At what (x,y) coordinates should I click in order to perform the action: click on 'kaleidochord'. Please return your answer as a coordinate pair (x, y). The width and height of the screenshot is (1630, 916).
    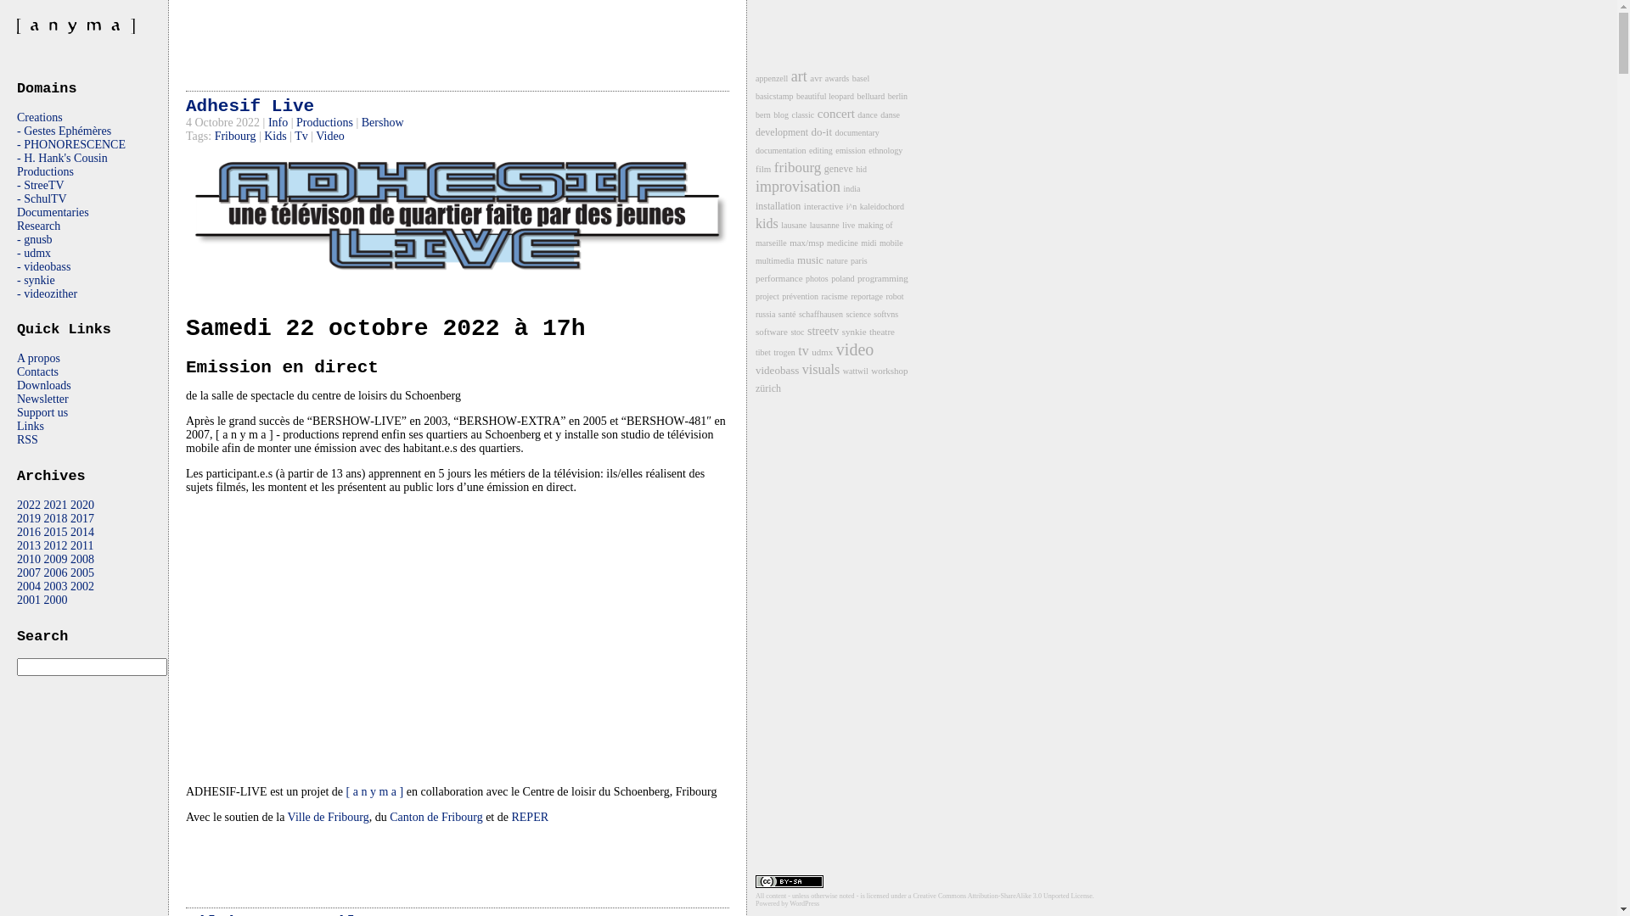
    Looking at the image, I should click on (881, 205).